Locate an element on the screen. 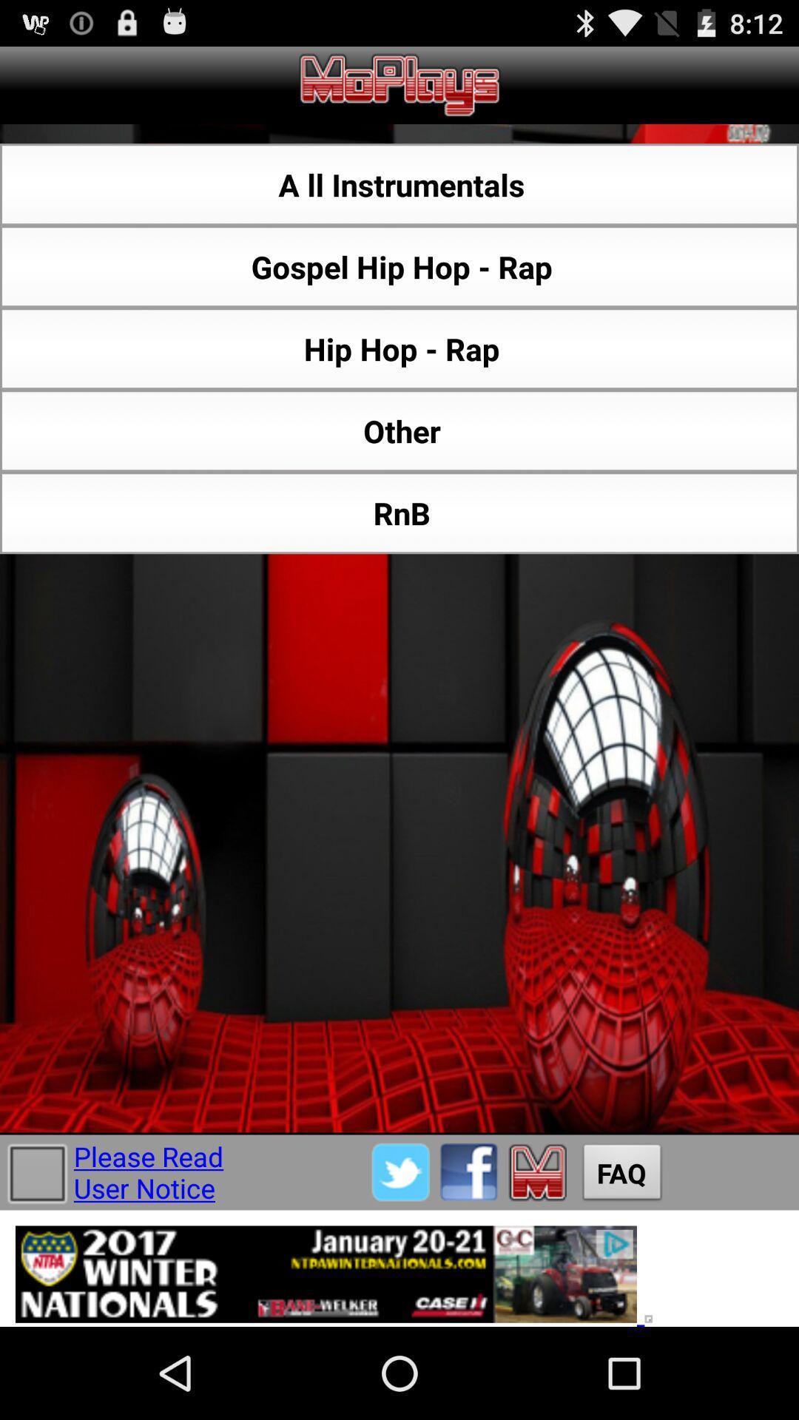  faceboo is located at coordinates (469, 1171).